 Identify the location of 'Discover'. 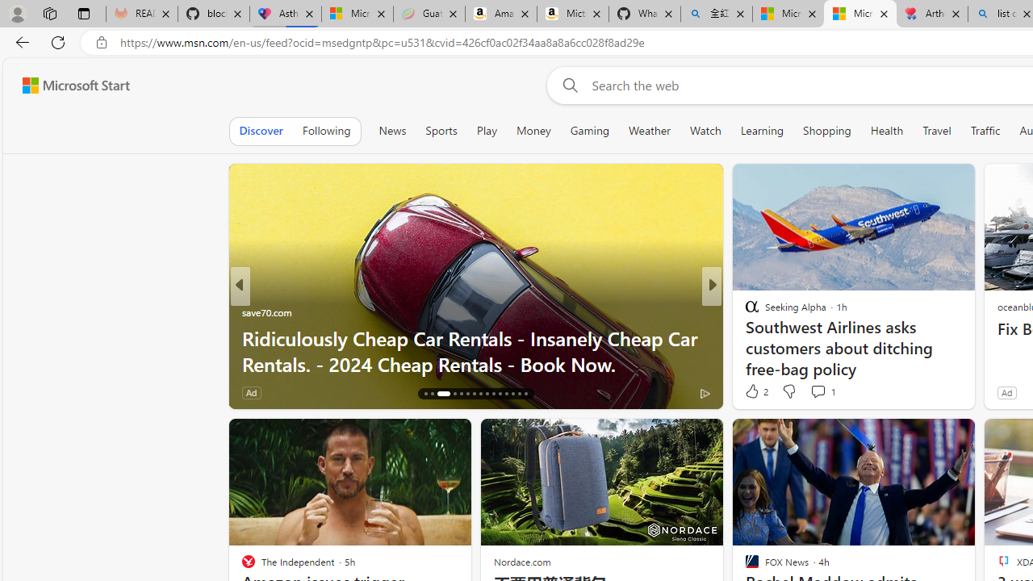
(261, 130).